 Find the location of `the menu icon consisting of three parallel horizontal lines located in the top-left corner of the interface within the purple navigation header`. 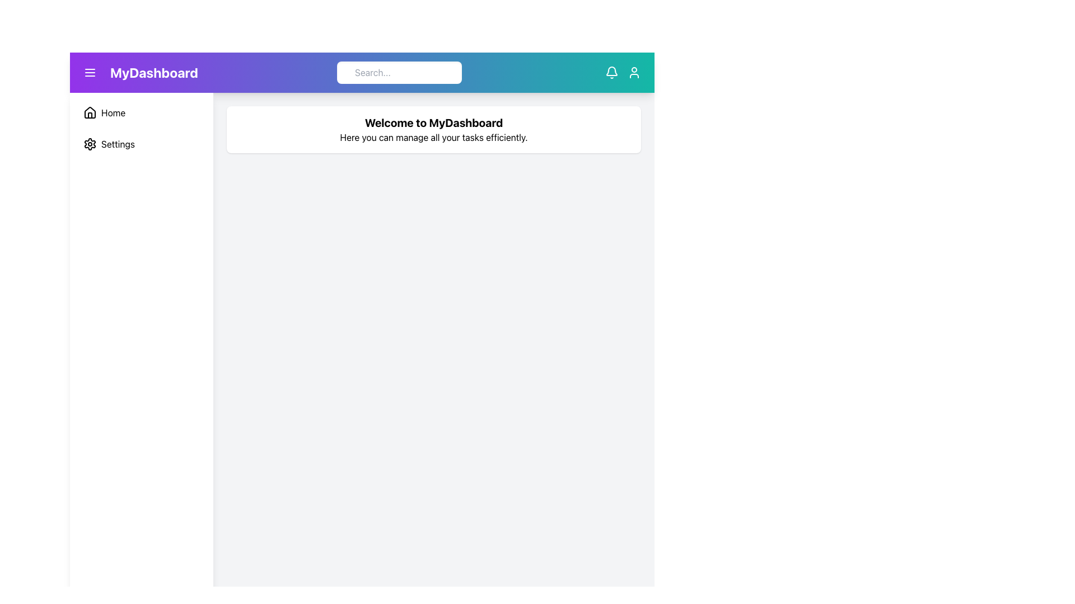

the menu icon consisting of three parallel horizontal lines located in the top-left corner of the interface within the purple navigation header is located at coordinates (90, 73).